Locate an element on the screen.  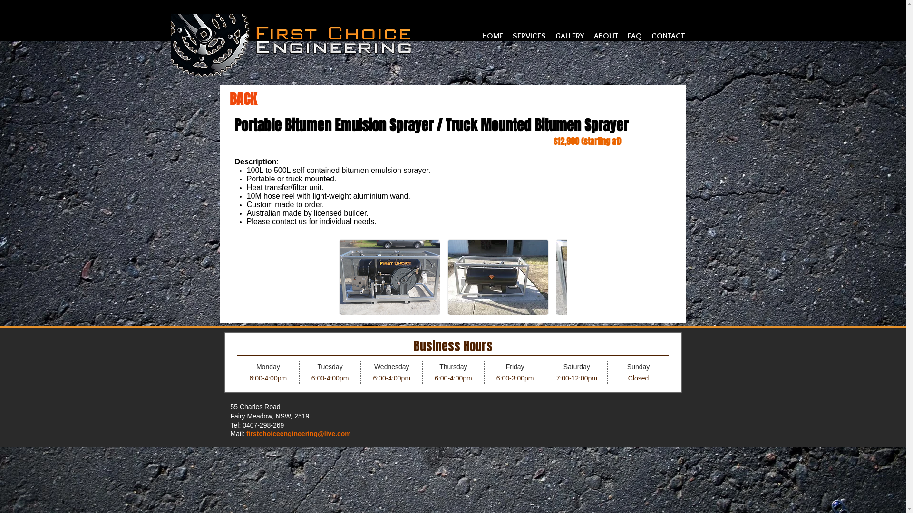
'Open for Business' is located at coordinates (453, 362).